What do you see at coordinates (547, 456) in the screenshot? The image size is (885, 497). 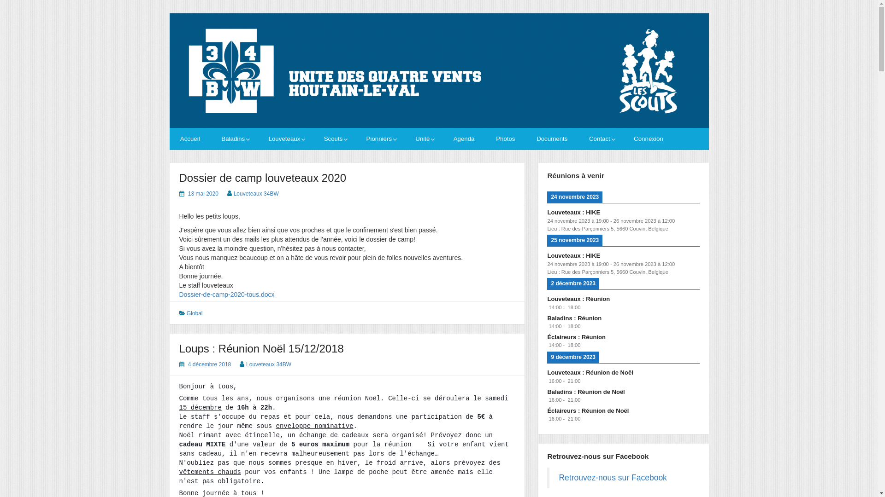 I see `'Retrouvez-nous sur Facebook'` at bounding box center [547, 456].